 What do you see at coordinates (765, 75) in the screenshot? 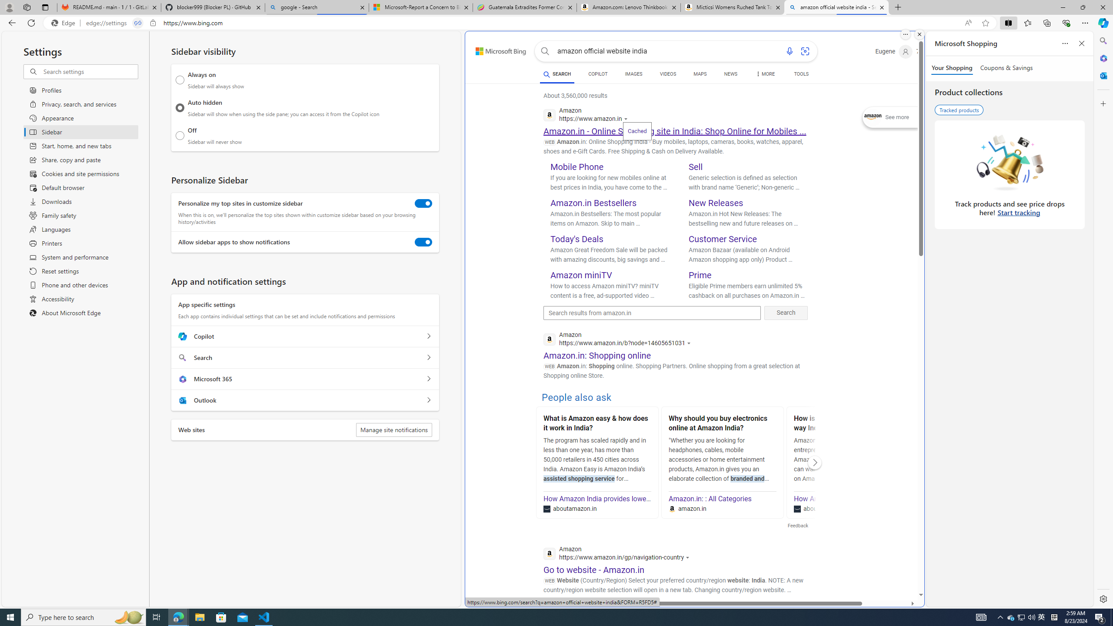
I see `'MORE'` at bounding box center [765, 75].